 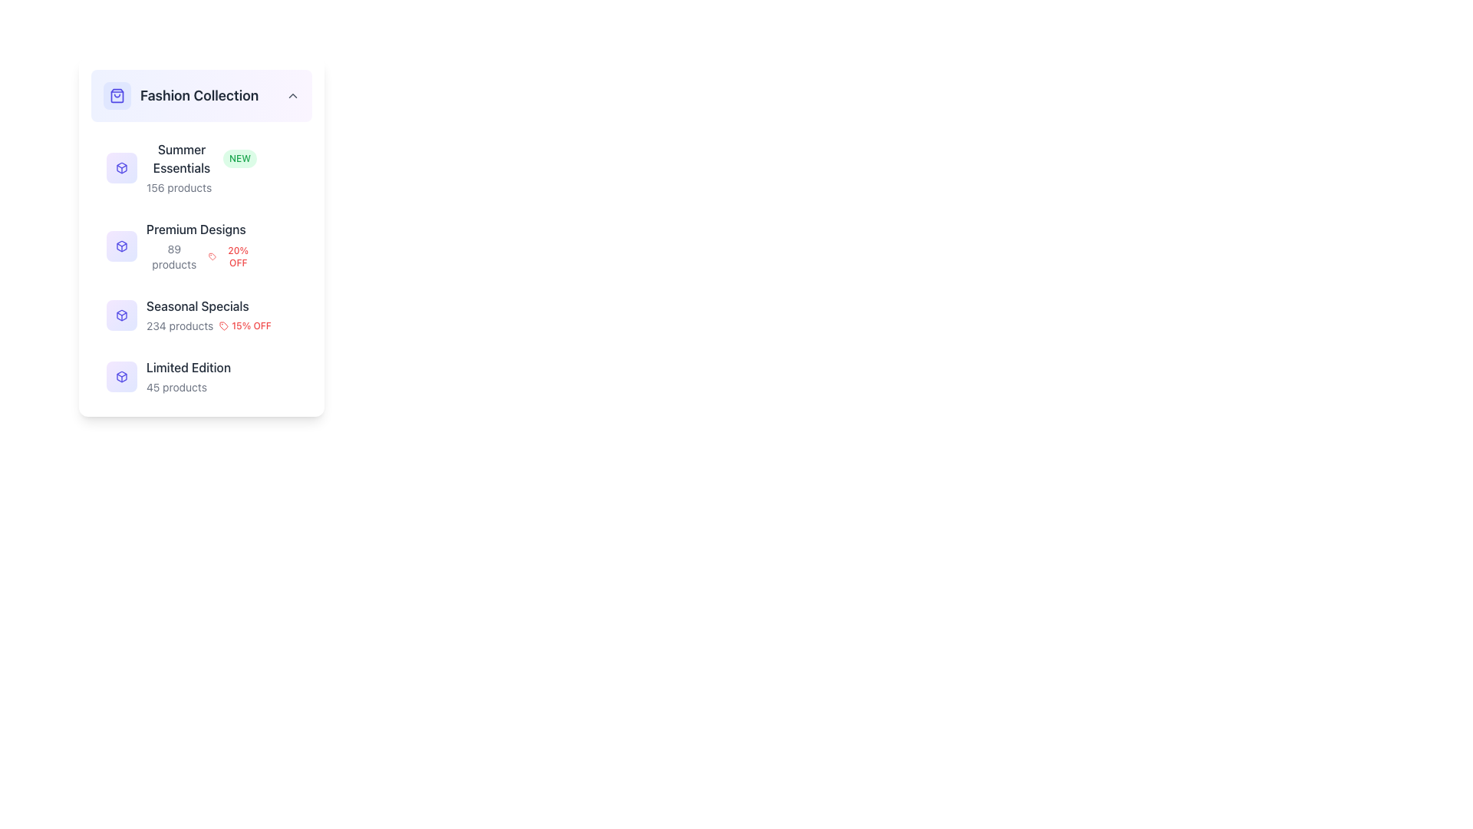 What do you see at coordinates (201, 230) in the screenshot?
I see `text of the label representing 'Premium Designs' located in the 'Fashion Collection' list, positioned second among the items` at bounding box center [201, 230].